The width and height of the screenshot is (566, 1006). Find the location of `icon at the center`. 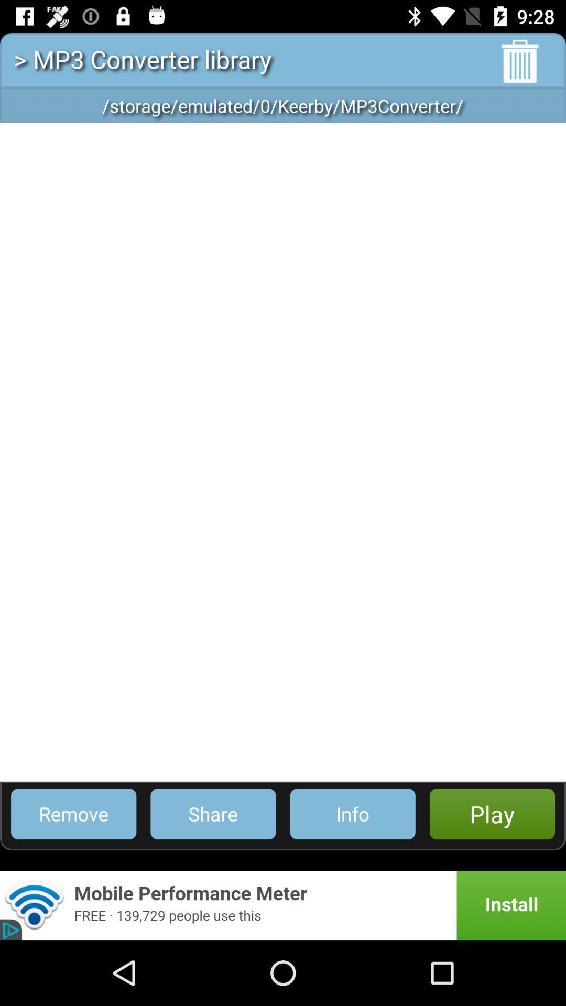

icon at the center is located at coordinates (283, 452).